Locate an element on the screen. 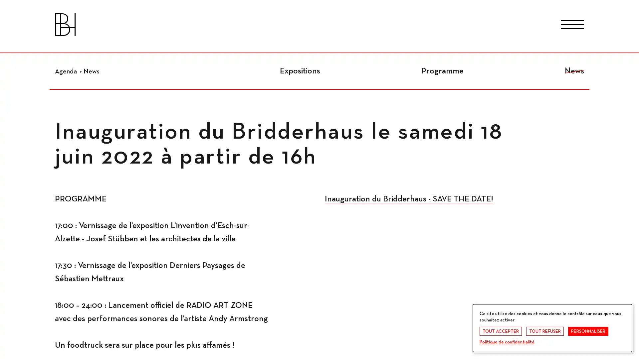  PERSONNALISER is located at coordinates (588, 331).